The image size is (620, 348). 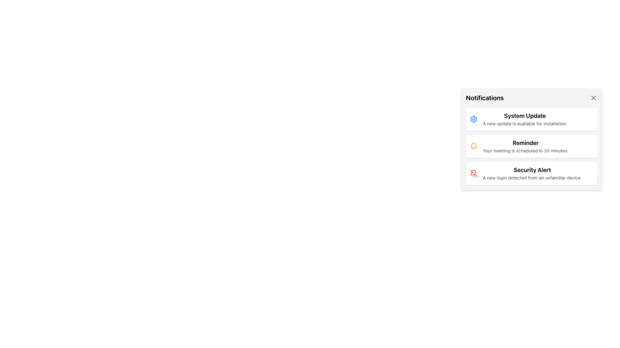 I want to click on the second notification regarding an upcoming meeting scheduled in 30 minutes, located under the 'Notifications' title, so click(x=532, y=146).